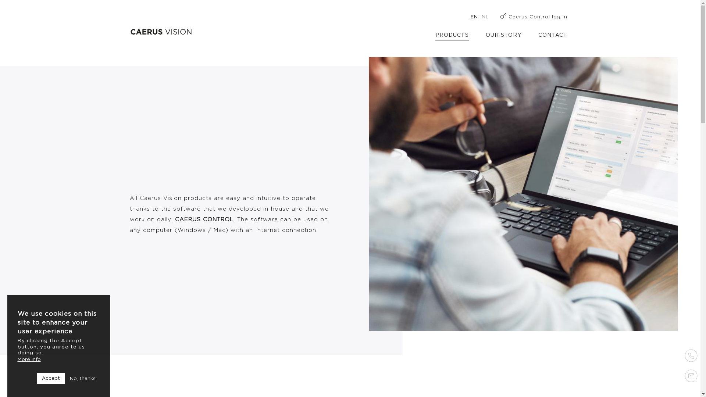 Image resolution: width=706 pixels, height=397 pixels. I want to click on 'No, thanks', so click(83, 378).